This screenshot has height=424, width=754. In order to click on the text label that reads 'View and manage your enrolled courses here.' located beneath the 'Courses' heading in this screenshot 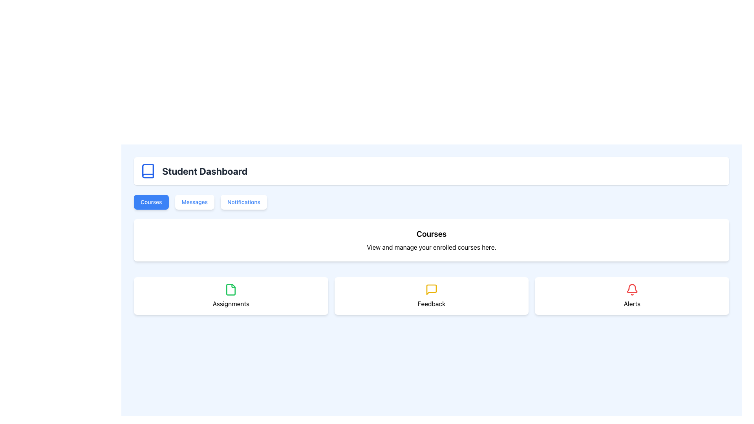, I will do `click(431, 247)`.